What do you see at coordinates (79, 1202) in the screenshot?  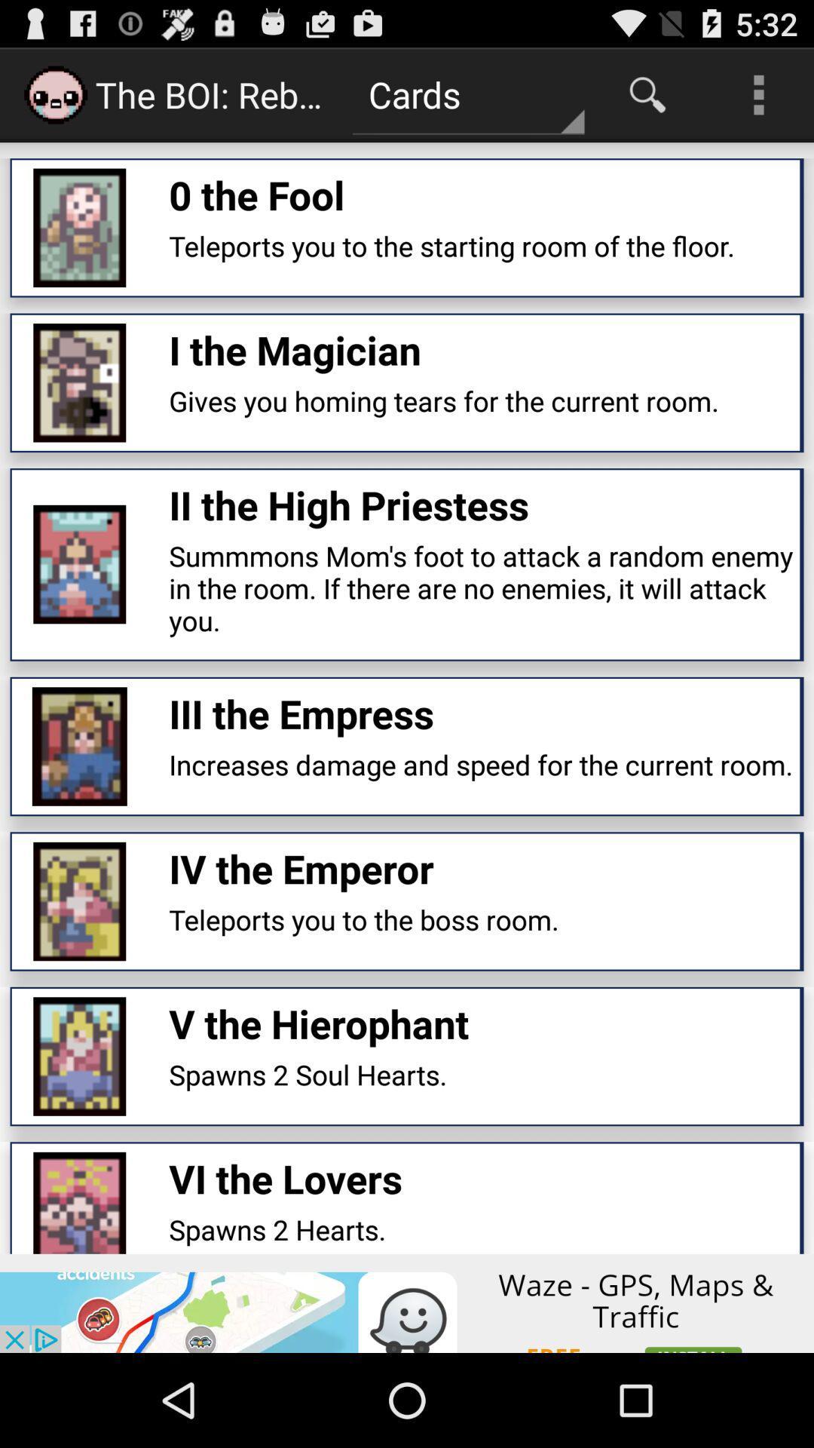 I see `the image which is present on the left side of the vi the lovers` at bounding box center [79, 1202].